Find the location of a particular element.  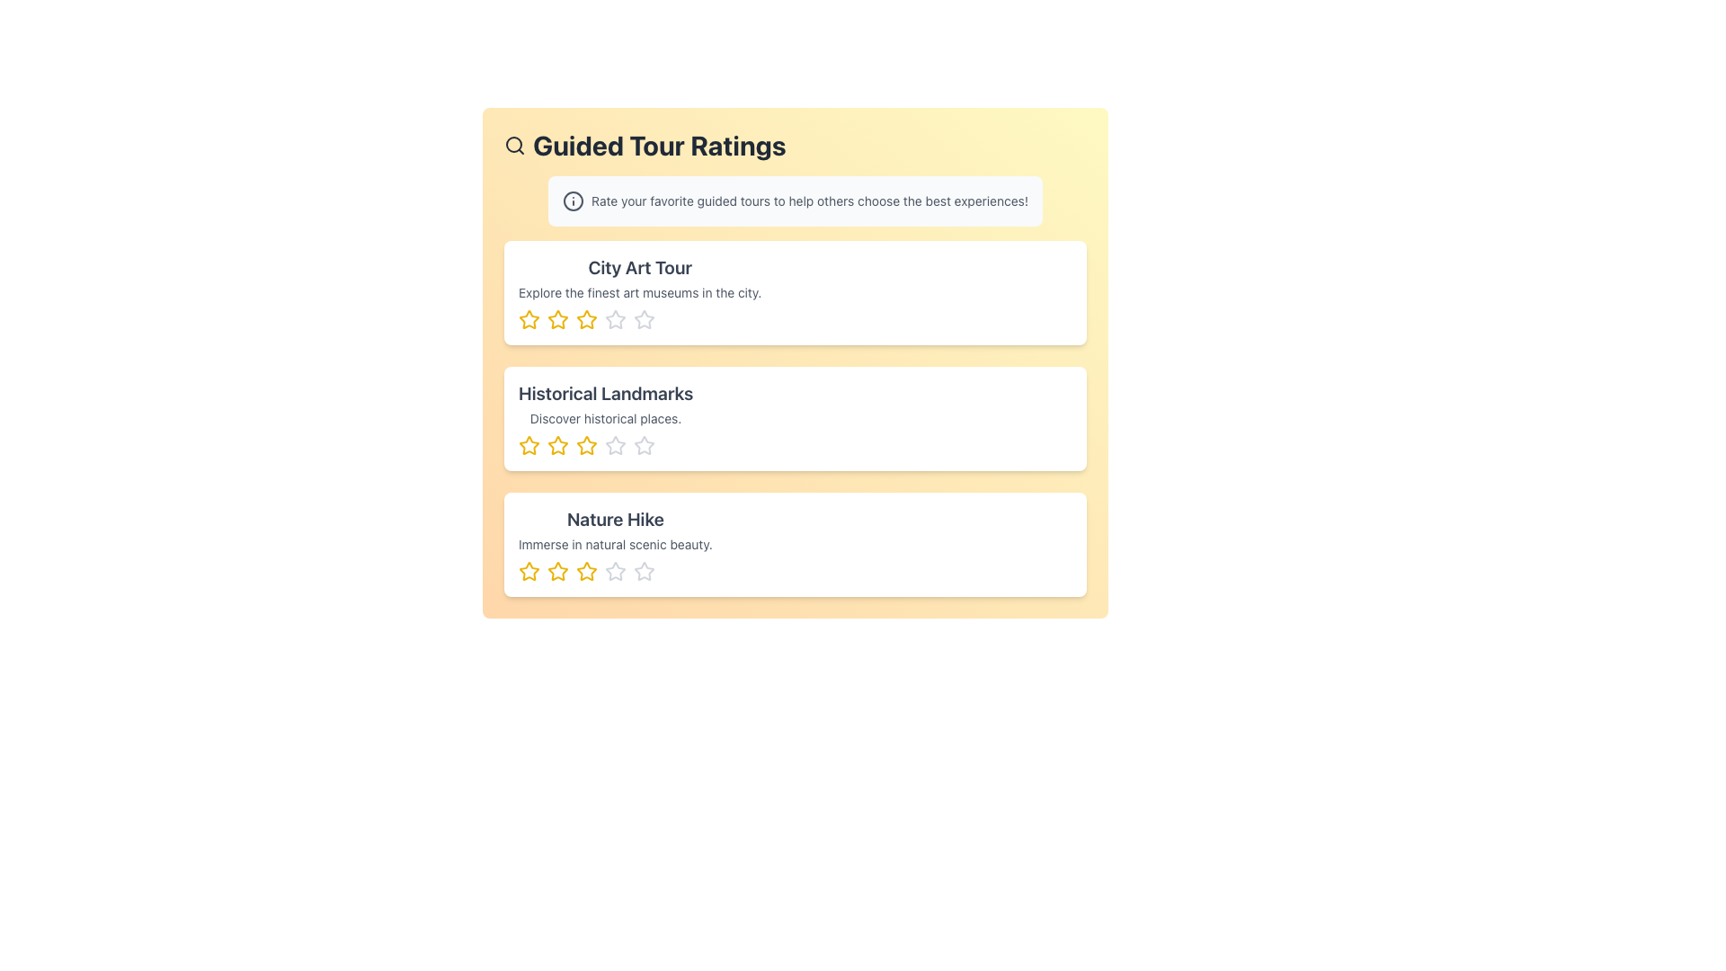

the circular SVG element of the search icon, which is located to the left of the 'Guided Tour Ratings' heading is located at coordinates (512, 144).